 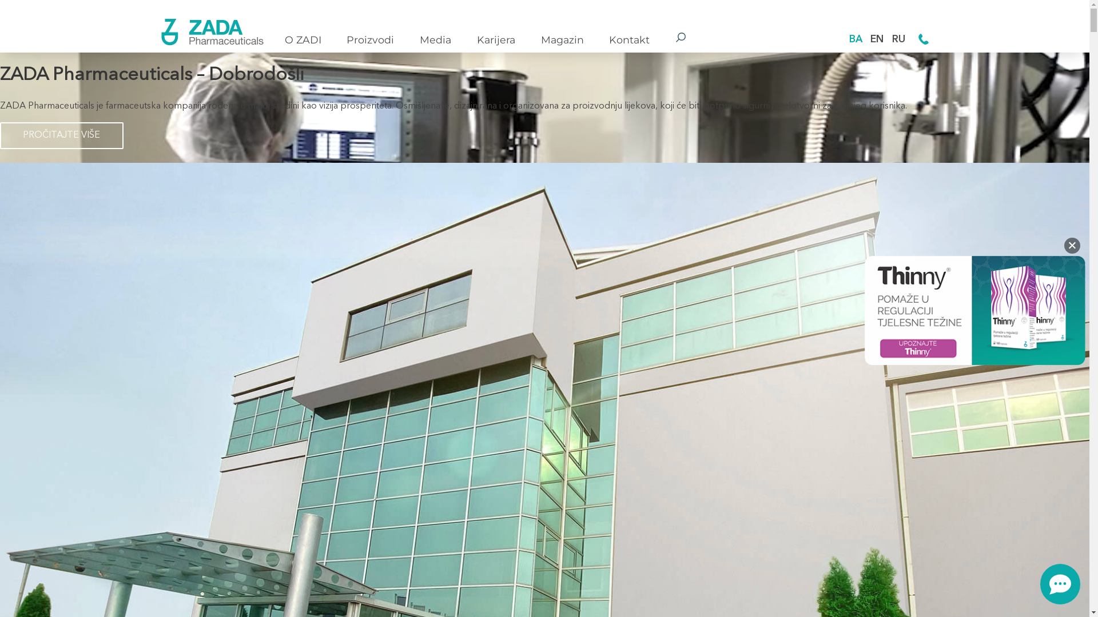 I want to click on 'O ZADI', so click(x=303, y=39).